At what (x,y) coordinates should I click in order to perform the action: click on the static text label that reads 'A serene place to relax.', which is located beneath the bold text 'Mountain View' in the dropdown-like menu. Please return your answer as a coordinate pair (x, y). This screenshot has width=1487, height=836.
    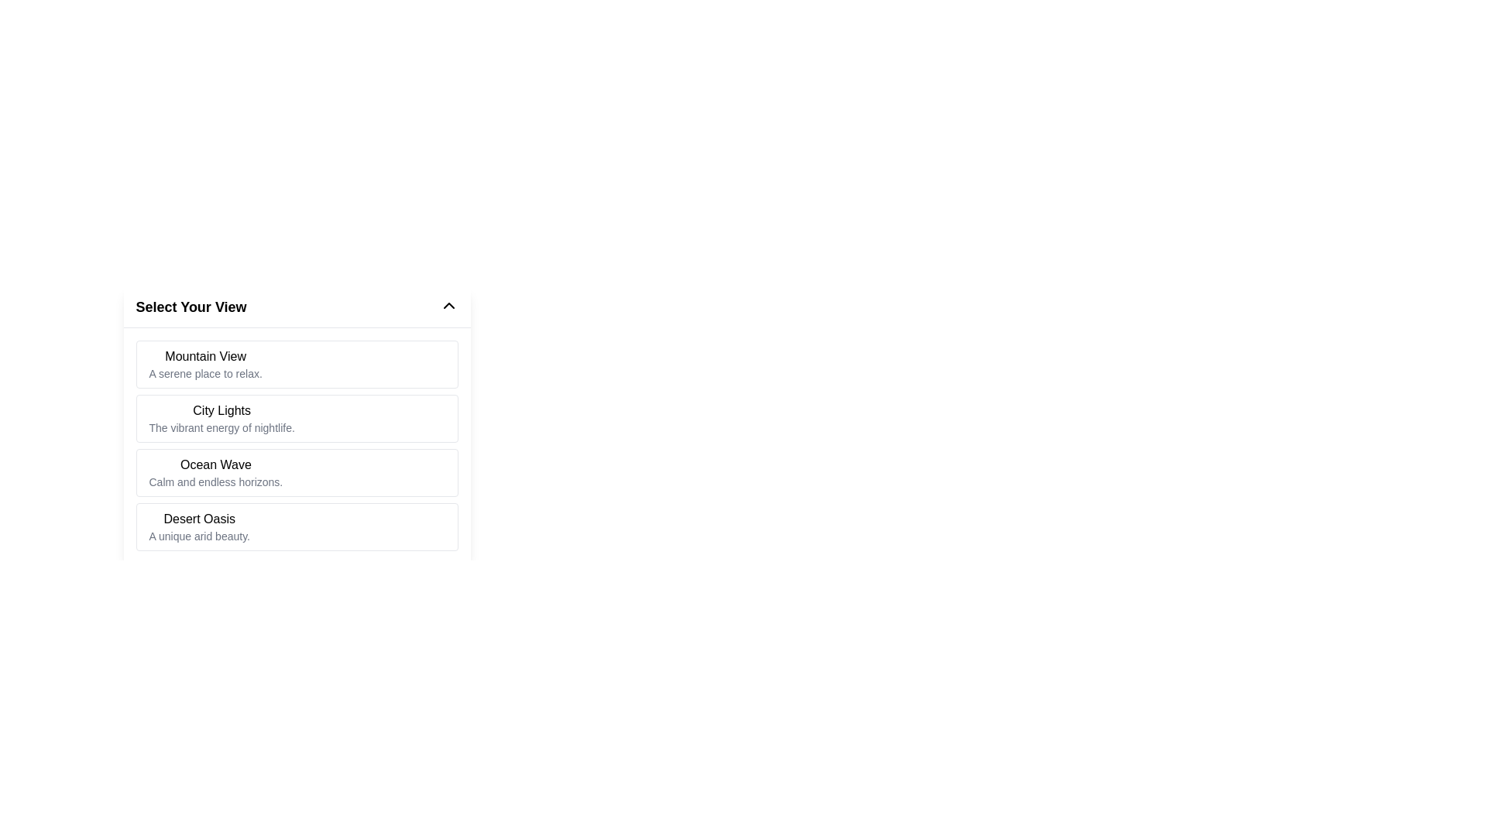
    Looking at the image, I should click on (204, 373).